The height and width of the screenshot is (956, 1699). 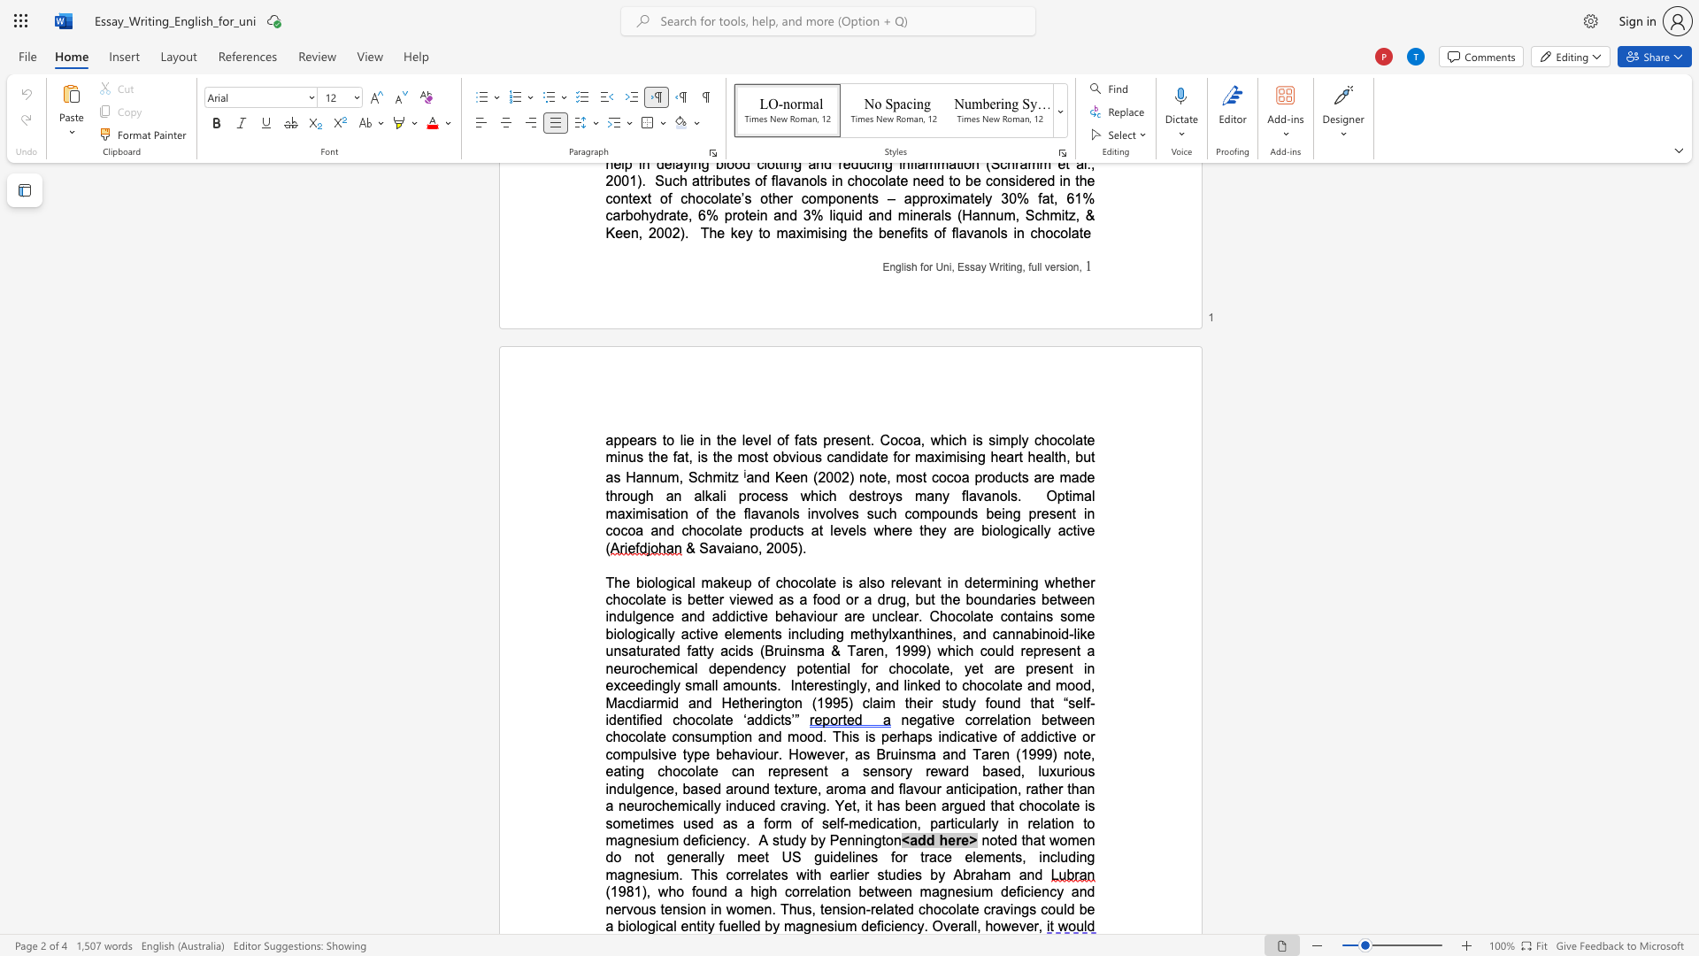 I want to click on the space between the continuous character "n" and "g" in the text, so click(x=1030, y=582).